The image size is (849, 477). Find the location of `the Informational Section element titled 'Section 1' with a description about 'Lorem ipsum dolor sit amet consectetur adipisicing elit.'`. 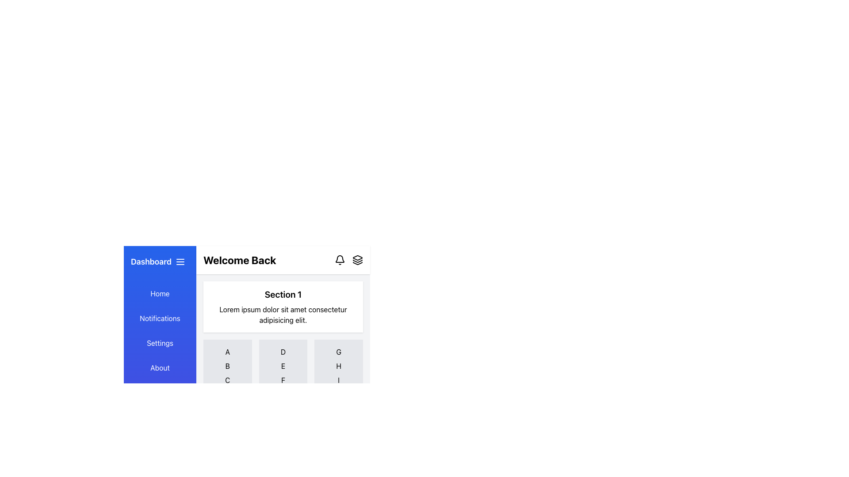

the Informational Section element titled 'Section 1' with a description about 'Lorem ipsum dolor sit amet consectetur adipisicing elit.' is located at coordinates (283, 306).